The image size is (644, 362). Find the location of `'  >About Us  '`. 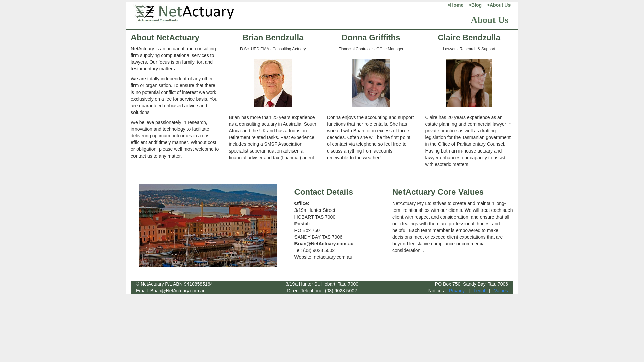

'  >About Us  ' is located at coordinates (498, 5).